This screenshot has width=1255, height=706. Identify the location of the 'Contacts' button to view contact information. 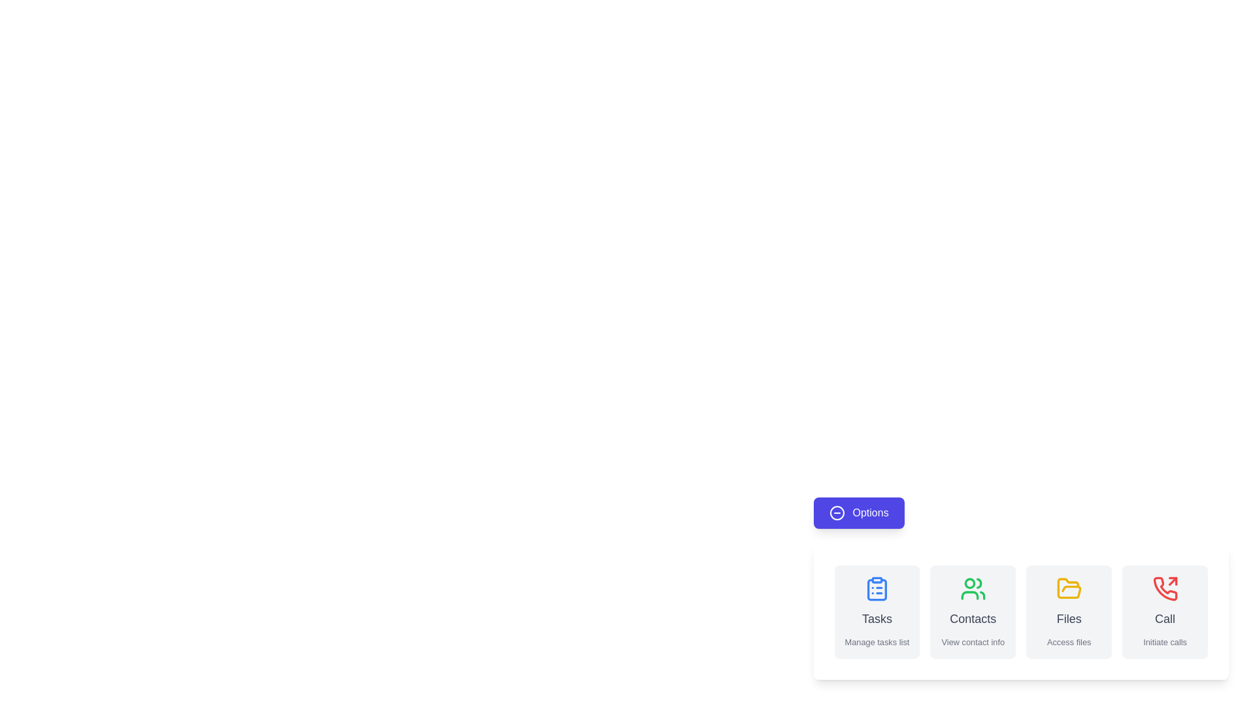
(973, 612).